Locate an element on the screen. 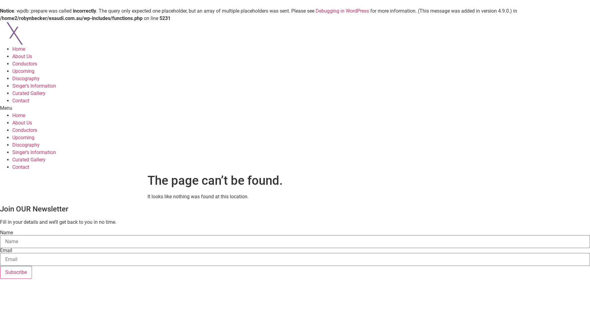 The width and height of the screenshot is (590, 332). 'Upcoming' is located at coordinates (23, 71).